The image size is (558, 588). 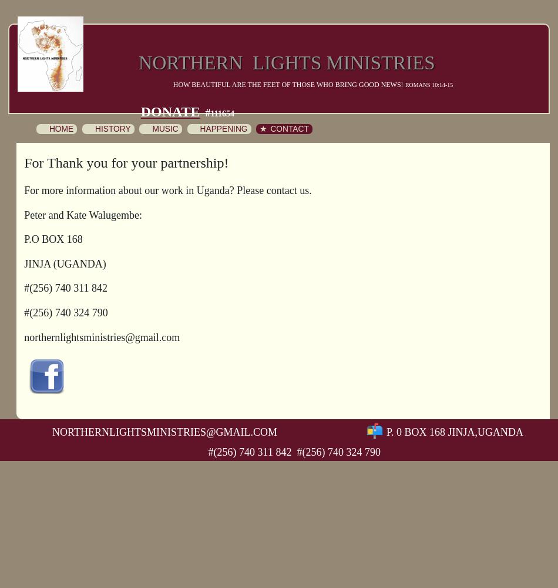 What do you see at coordinates (499, 431) in the screenshot?
I see `'Uganda'` at bounding box center [499, 431].